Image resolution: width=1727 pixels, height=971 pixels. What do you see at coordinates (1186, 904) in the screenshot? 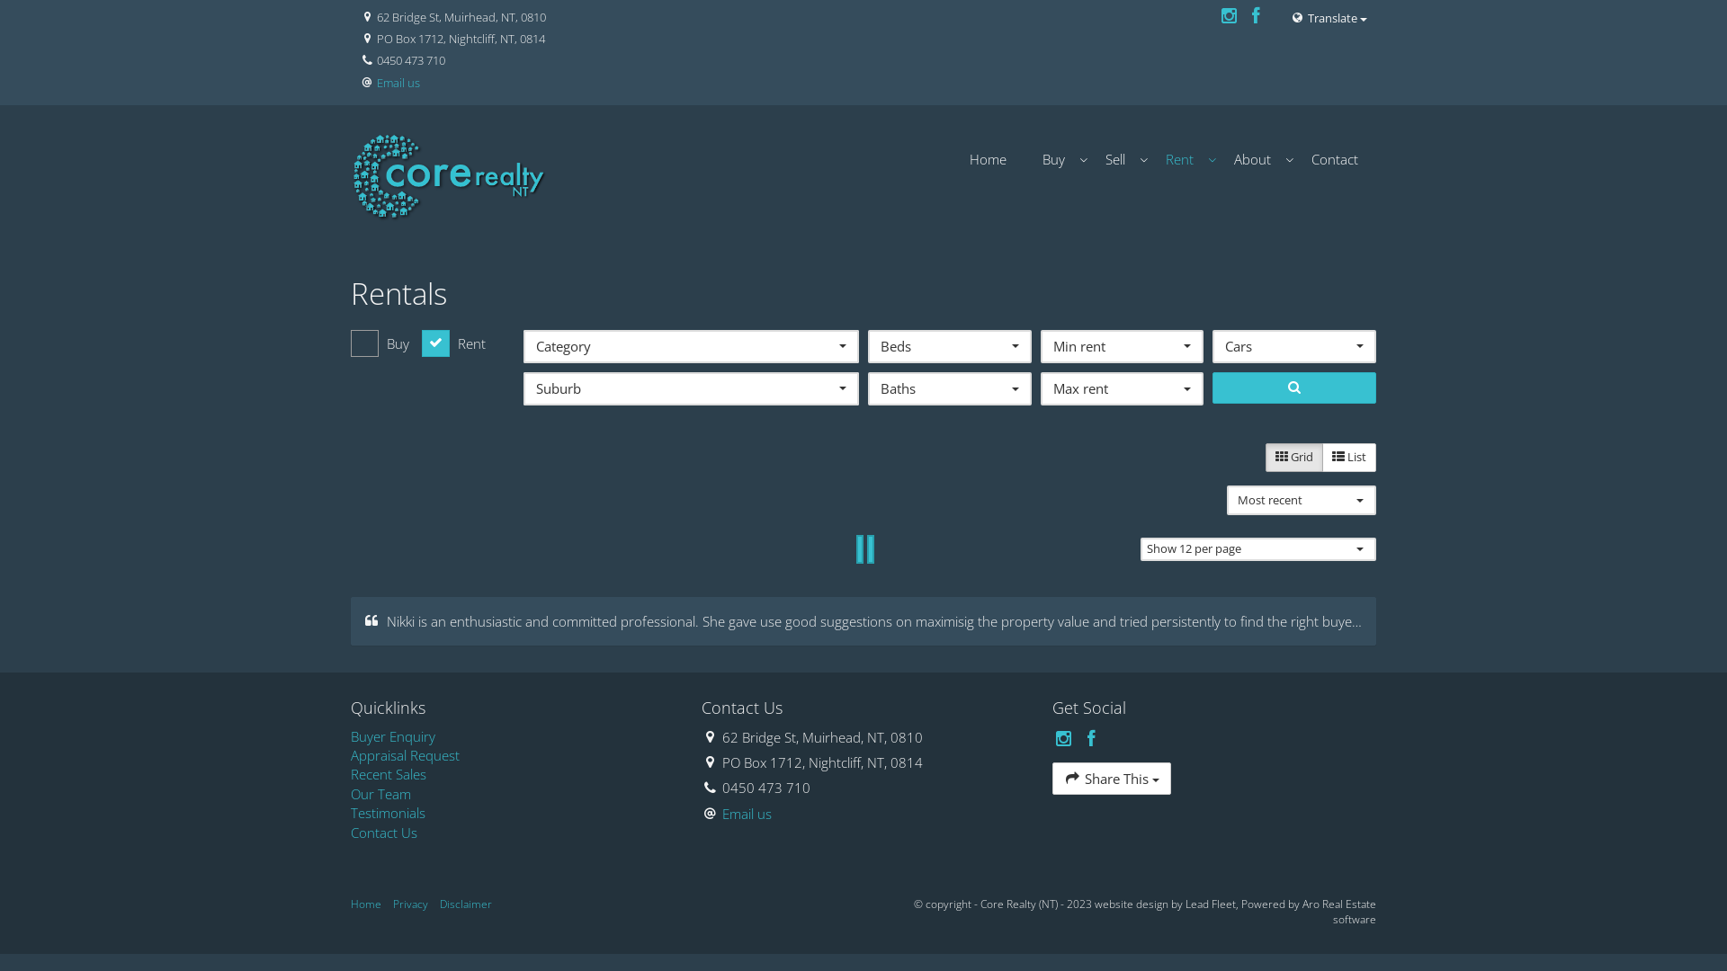
I see `'Lead Fleet'` at bounding box center [1186, 904].